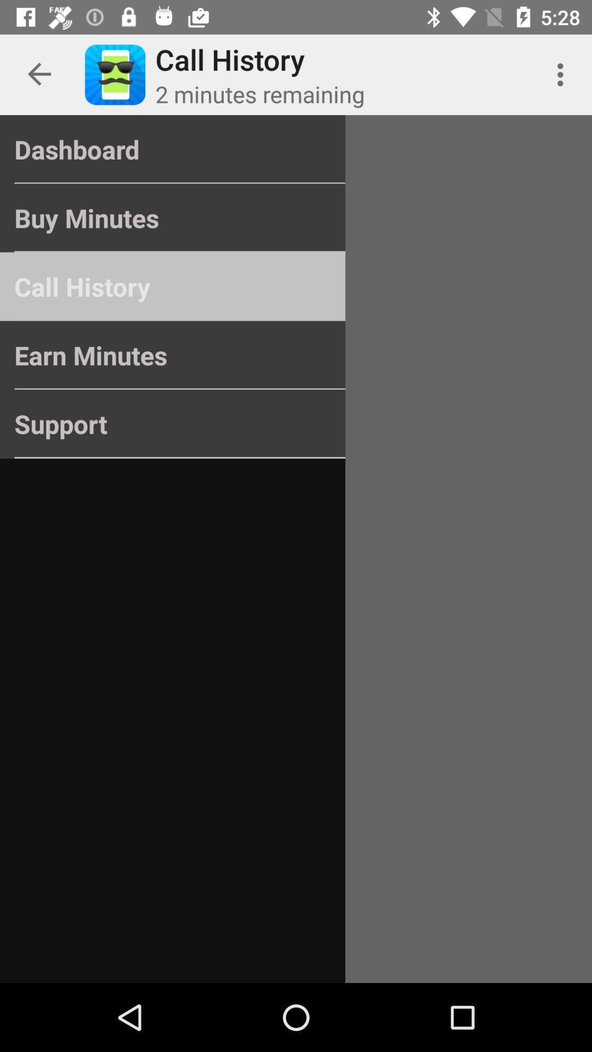  What do you see at coordinates (173, 218) in the screenshot?
I see `the item below dashboard icon` at bounding box center [173, 218].